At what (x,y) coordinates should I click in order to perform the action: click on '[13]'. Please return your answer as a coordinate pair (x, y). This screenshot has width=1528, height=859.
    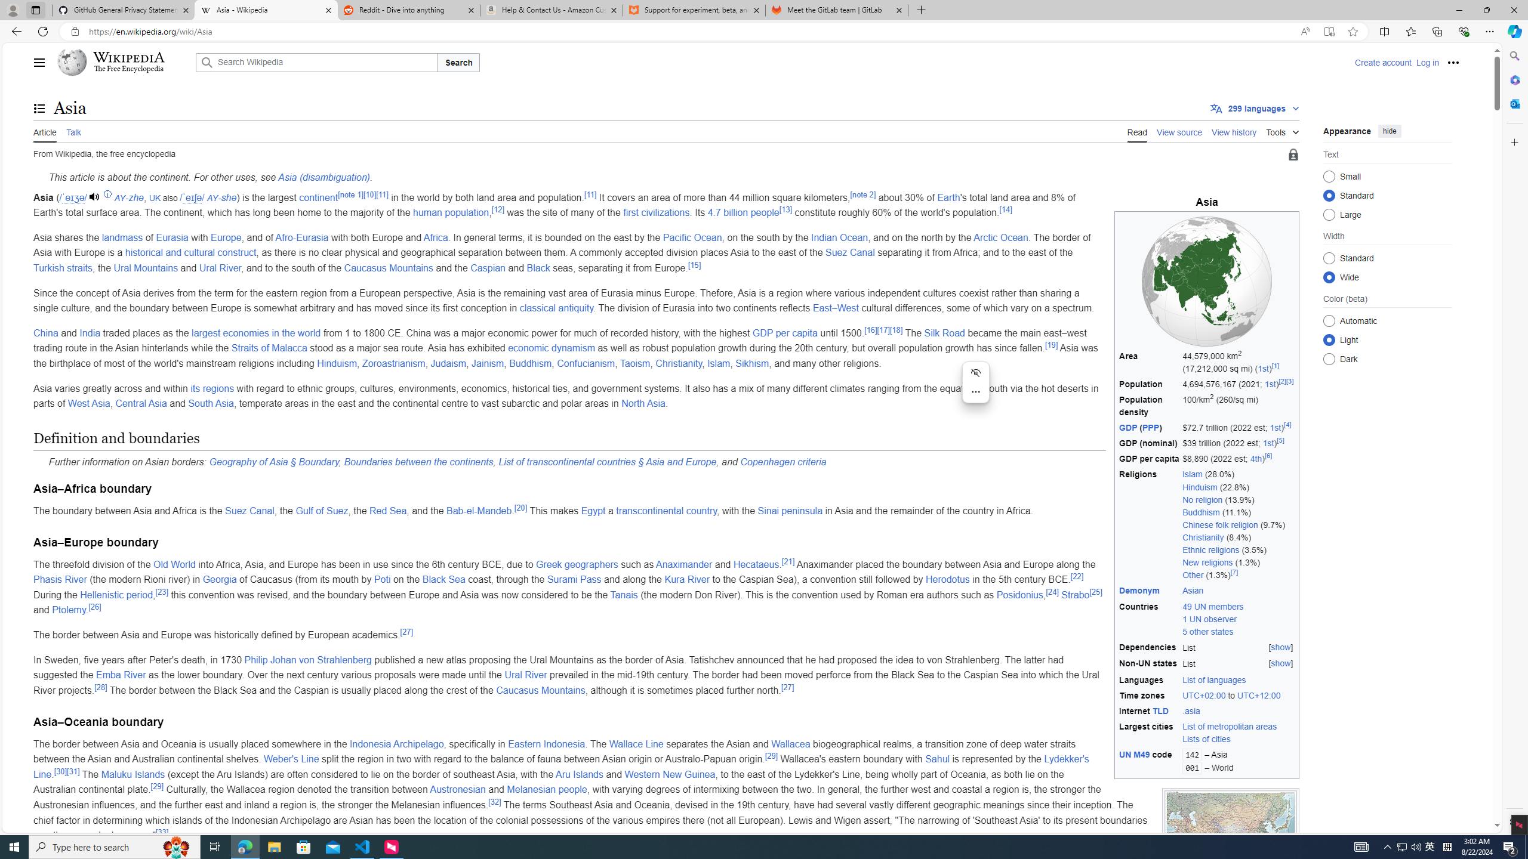
    Looking at the image, I should click on (785, 208).